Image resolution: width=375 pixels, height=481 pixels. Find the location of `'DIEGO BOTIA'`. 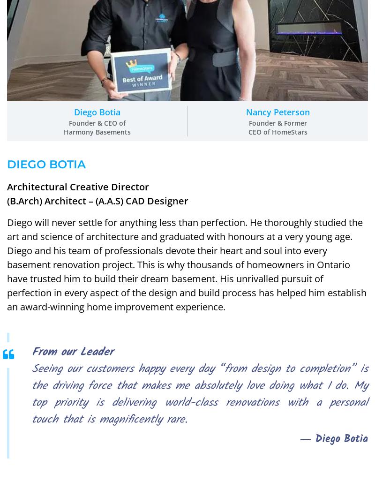

'DIEGO BOTIA' is located at coordinates (7, 164).